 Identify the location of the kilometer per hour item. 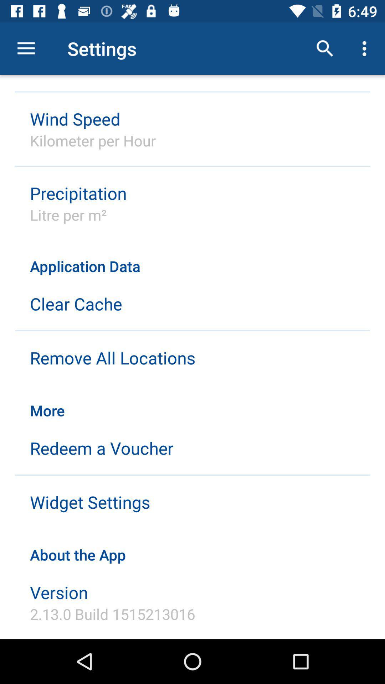
(92, 140).